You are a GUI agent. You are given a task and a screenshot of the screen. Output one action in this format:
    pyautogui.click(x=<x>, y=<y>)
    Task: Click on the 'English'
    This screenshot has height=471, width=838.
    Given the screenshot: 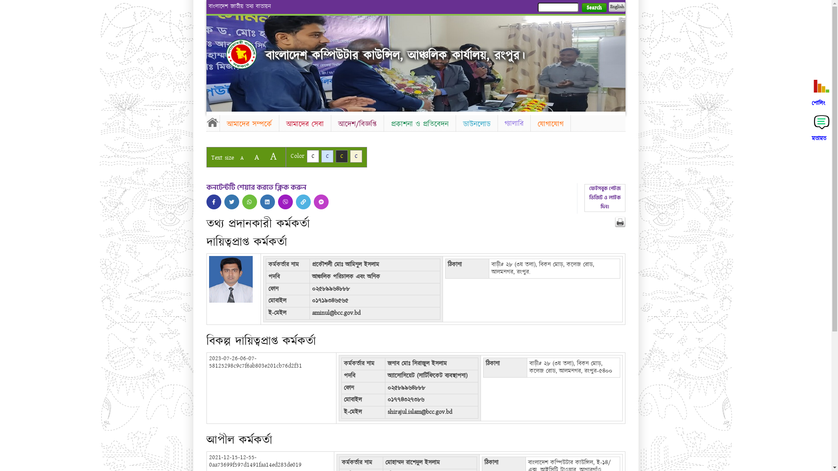 What is the action you would take?
    pyautogui.click(x=616, y=7)
    